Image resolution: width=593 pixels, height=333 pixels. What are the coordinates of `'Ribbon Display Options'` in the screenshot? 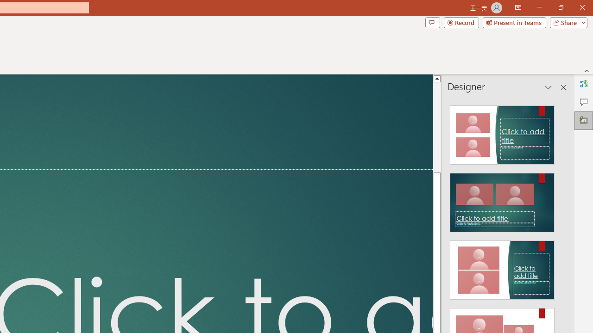 It's located at (517, 7).